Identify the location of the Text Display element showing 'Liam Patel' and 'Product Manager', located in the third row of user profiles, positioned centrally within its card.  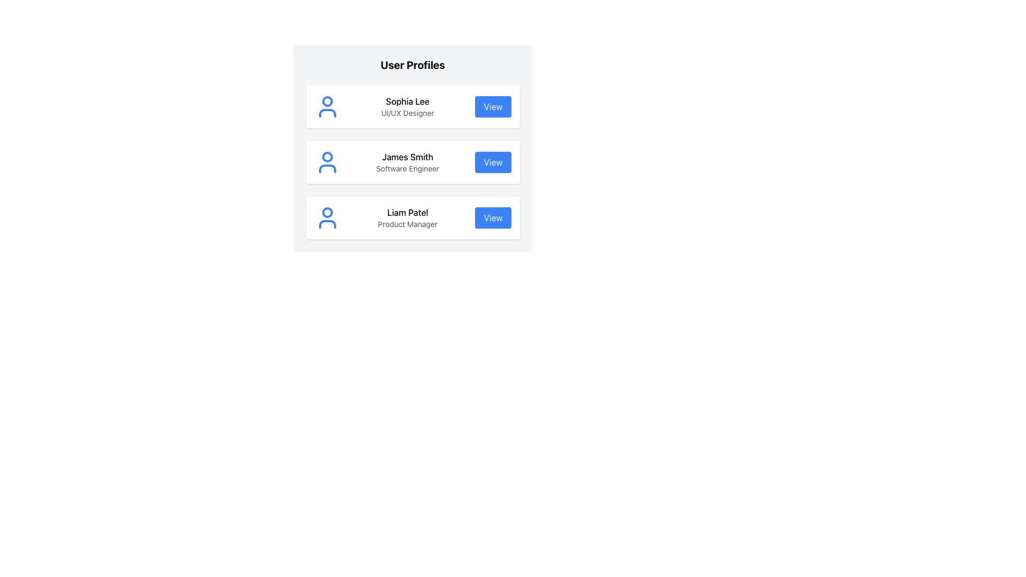
(407, 217).